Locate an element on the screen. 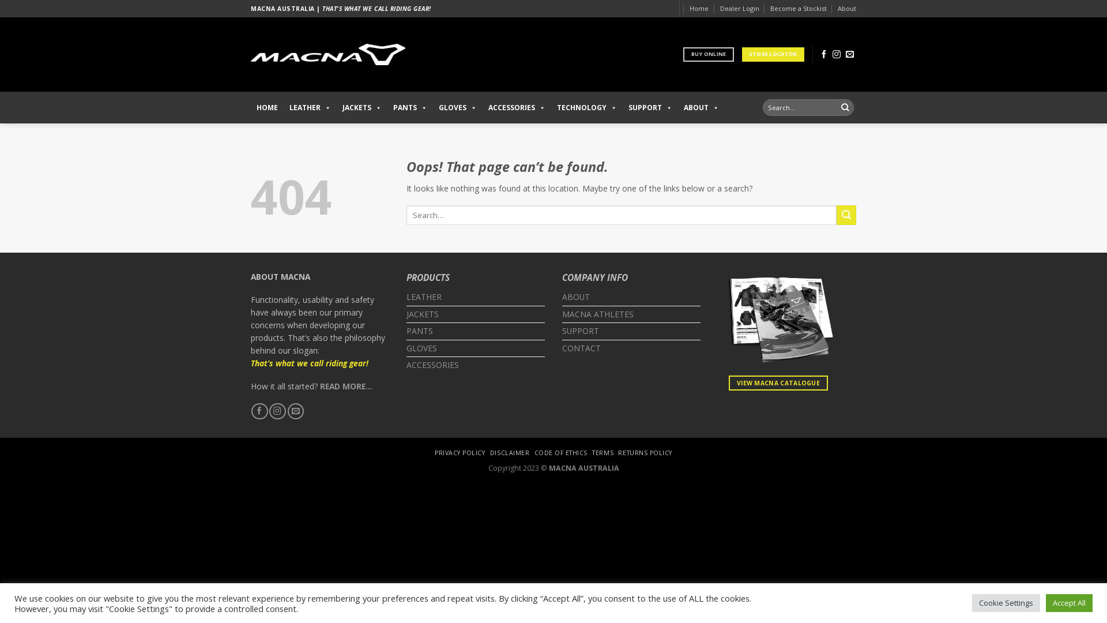  'Dealer Login' is located at coordinates (739, 8).